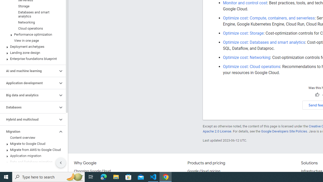 Image resolution: width=323 pixels, height=182 pixels. What do you see at coordinates (284, 131) in the screenshot?
I see `'Google Developers Site Policies'` at bounding box center [284, 131].